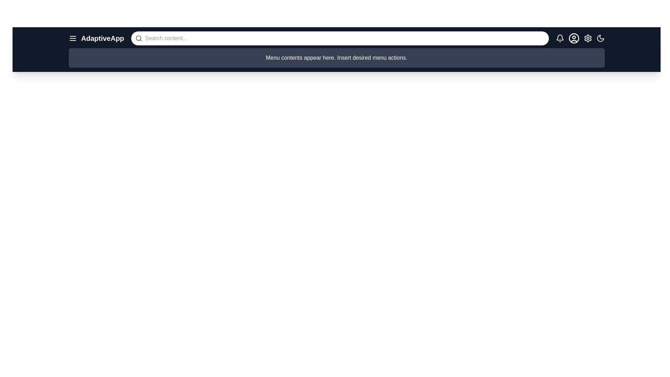 This screenshot has height=377, width=670. I want to click on the user_circle icon to reveal its tooltip, so click(574, 38).